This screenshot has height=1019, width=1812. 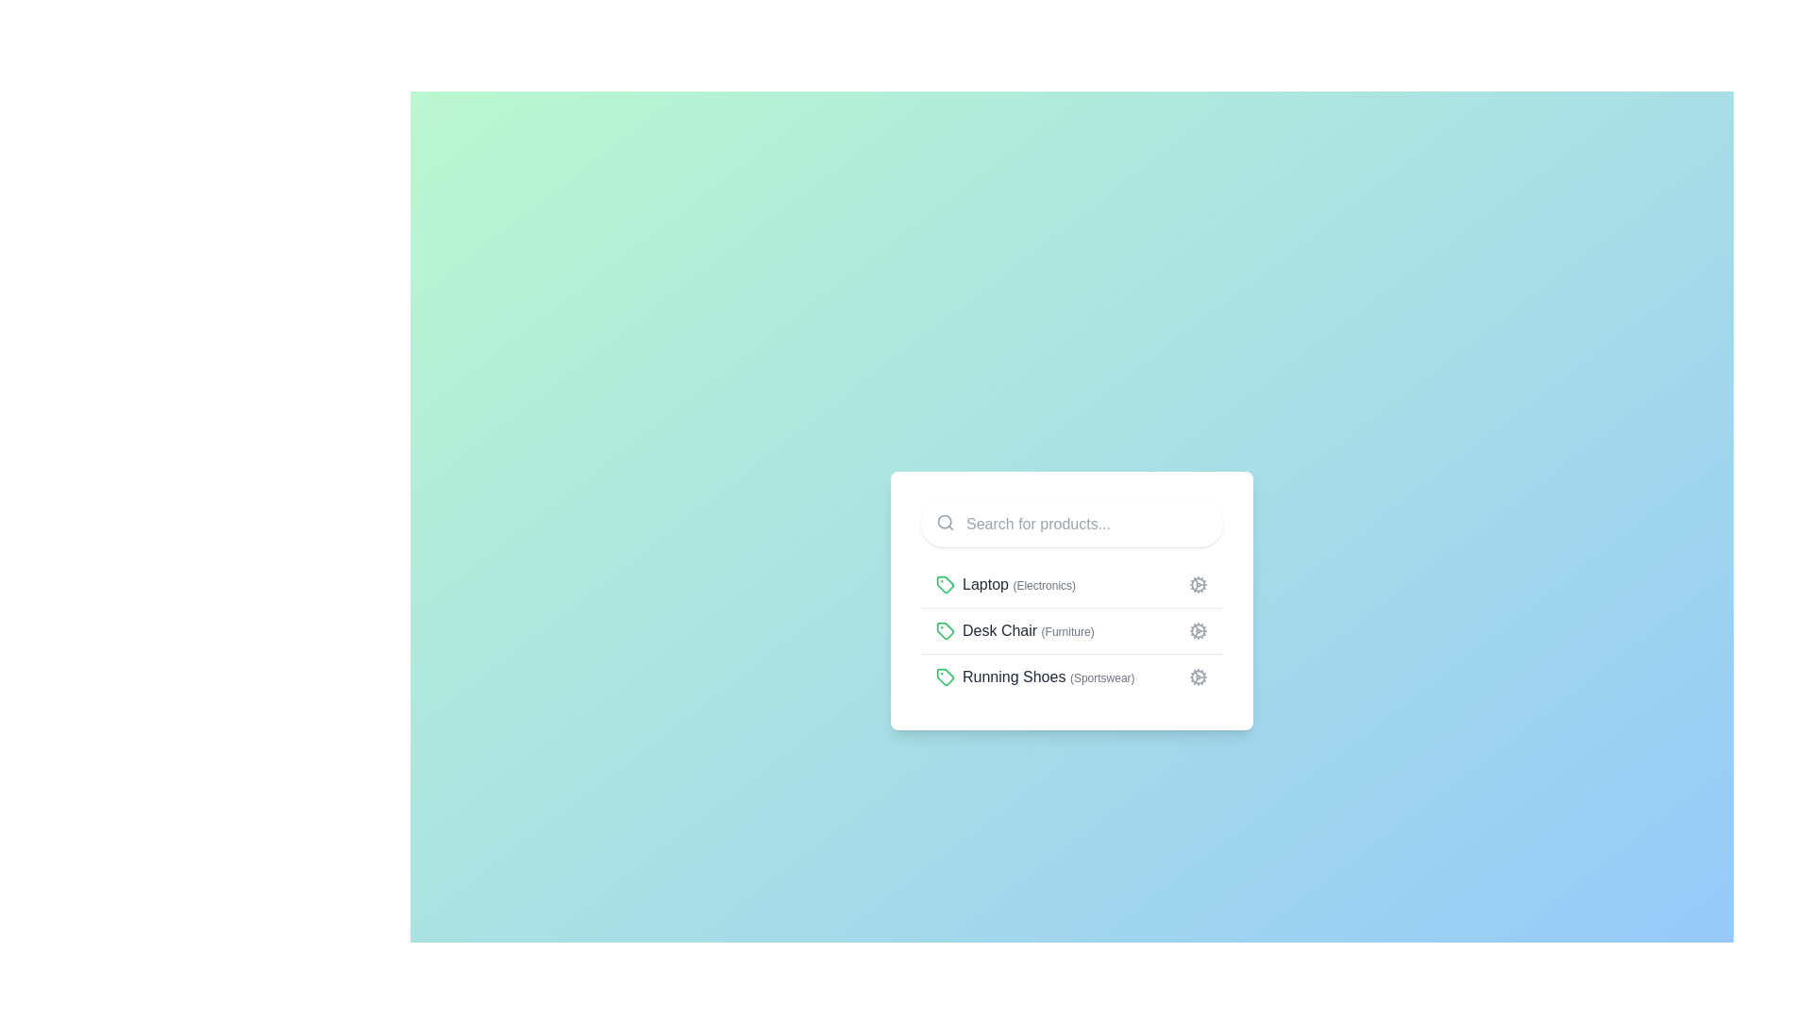 What do you see at coordinates (946, 630) in the screenshot?
I see `the tag icon that symbolizes the 'Desk Chair' in the 'Furniture' category, located immediately to the left of the label 'Desk Chair (Furniture)'` at bounding box center [946, 630].